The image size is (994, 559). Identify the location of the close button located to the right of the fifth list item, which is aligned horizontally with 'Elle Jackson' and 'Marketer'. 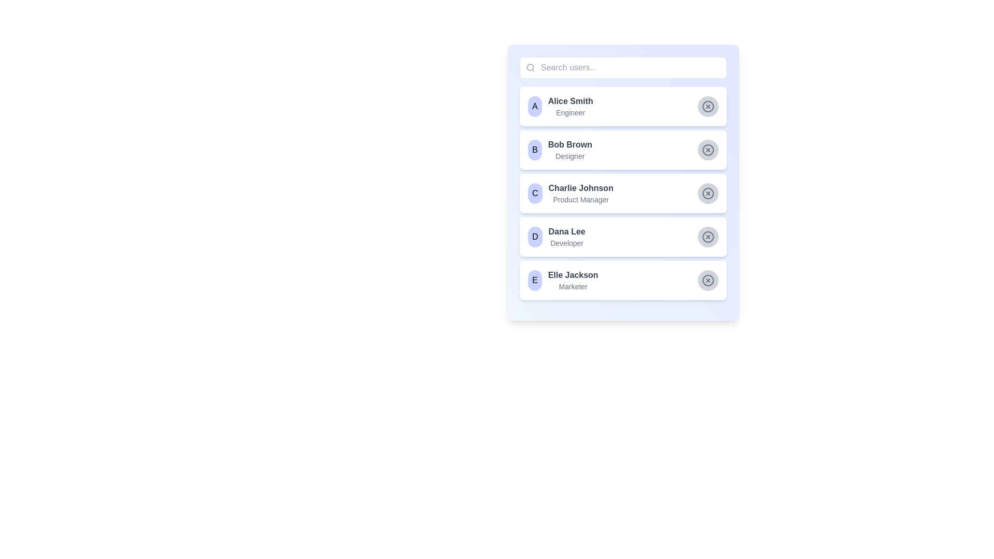
(708, 281).